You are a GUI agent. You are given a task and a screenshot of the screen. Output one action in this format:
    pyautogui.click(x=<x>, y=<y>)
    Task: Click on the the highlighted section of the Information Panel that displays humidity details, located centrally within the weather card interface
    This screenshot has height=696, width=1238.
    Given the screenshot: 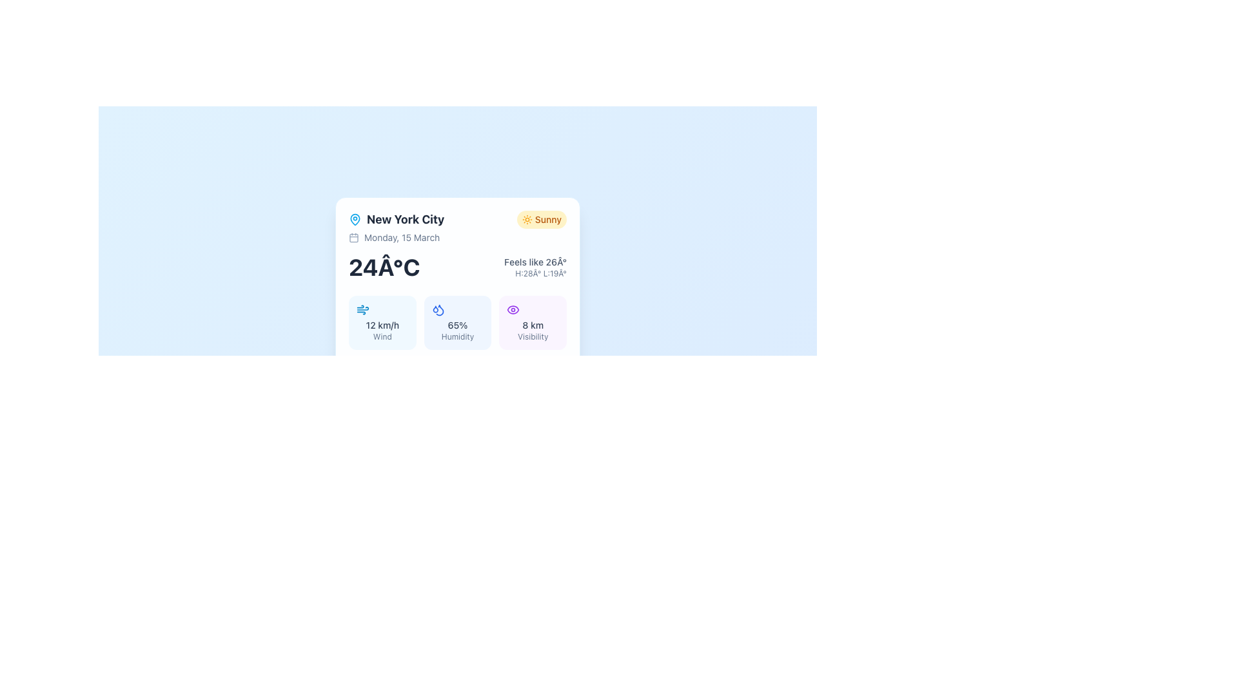 What is the action you would take?
    pyautogui.click(x=458, y=322)
    